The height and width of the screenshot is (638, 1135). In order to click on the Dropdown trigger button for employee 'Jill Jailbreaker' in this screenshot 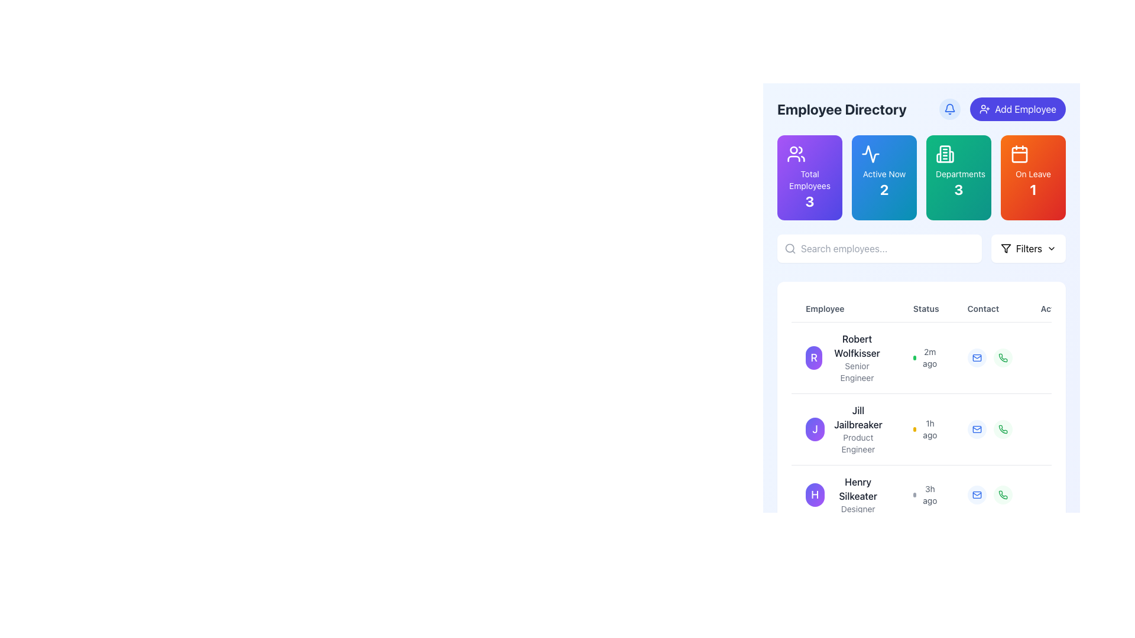, I will do `click(1055, 429)`.